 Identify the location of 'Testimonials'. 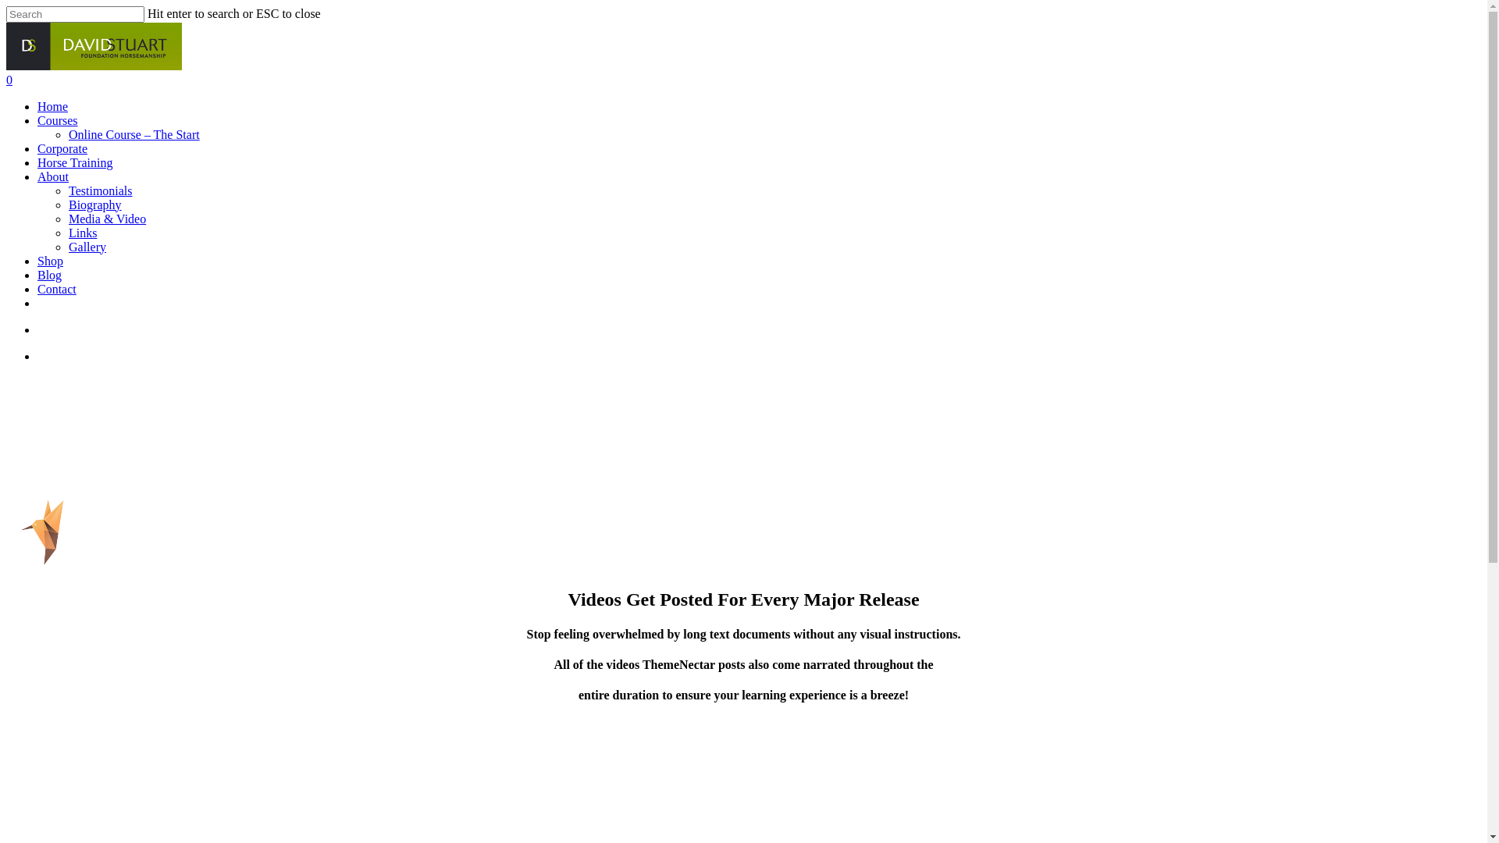
(100, 190).